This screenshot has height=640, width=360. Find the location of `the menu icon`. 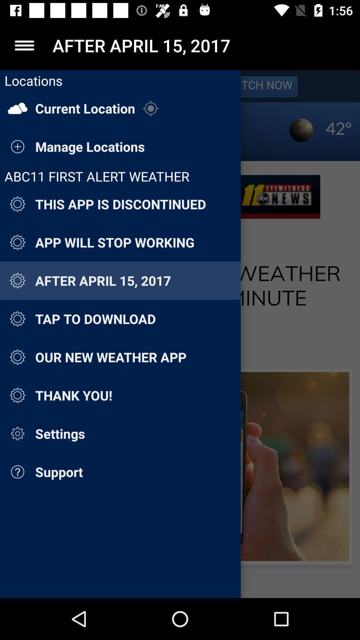

the menu icon is located at coordinates (24, 45).